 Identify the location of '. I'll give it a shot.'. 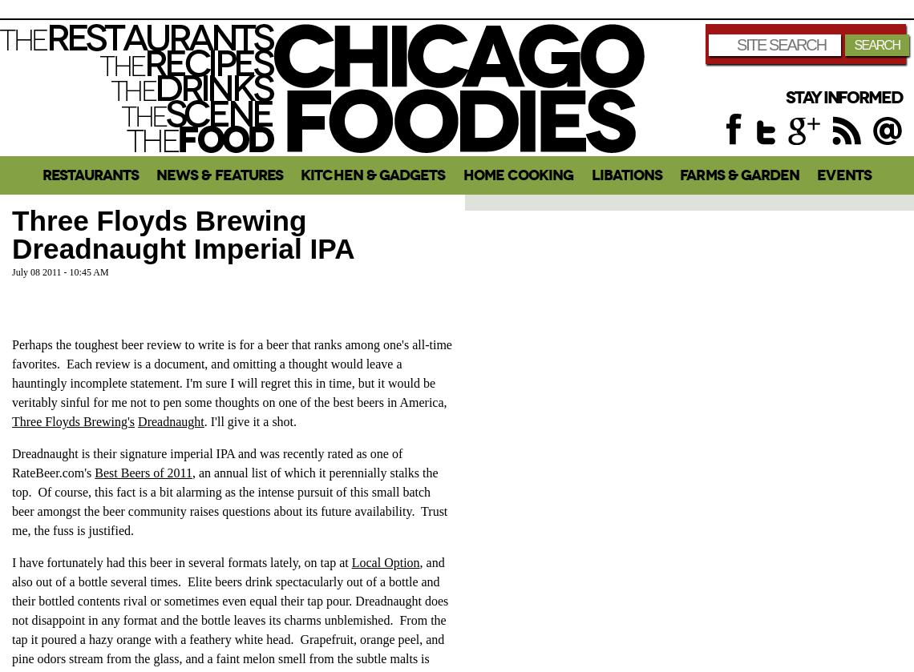
(250, 420).